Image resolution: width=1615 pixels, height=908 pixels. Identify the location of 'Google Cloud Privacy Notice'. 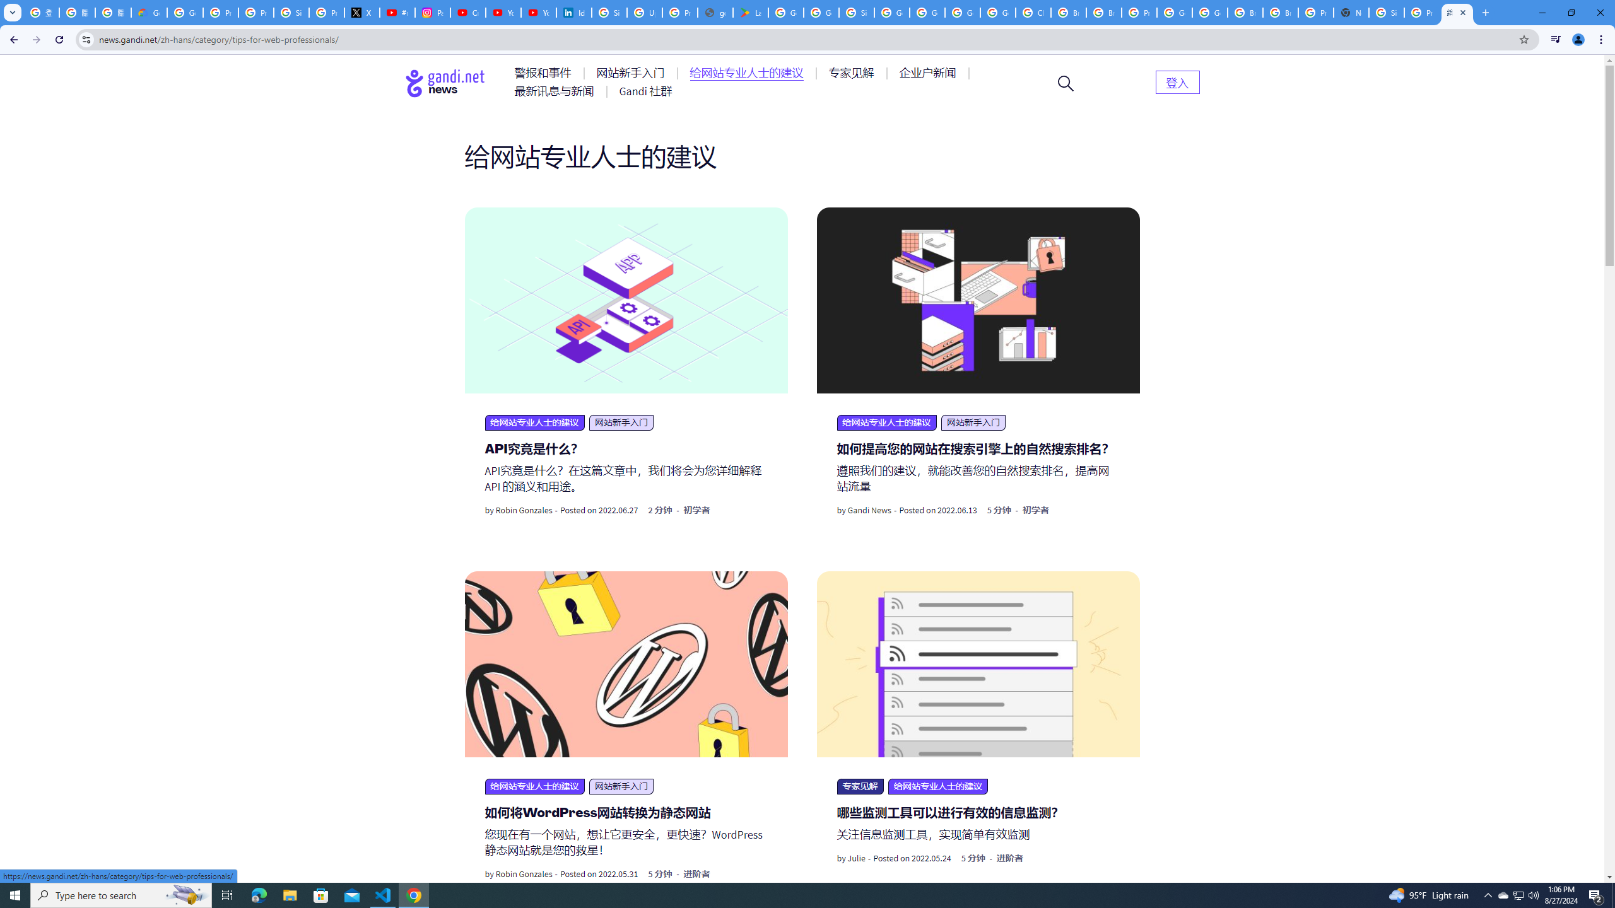
(149, 12).